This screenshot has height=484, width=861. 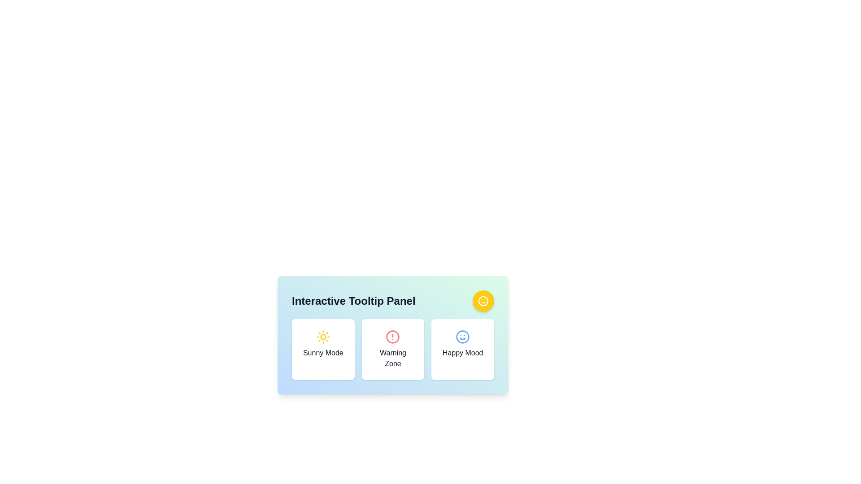 I want to click on labels of the grid containing three cards labeled 'Sunny Mode', 'Warning Zone', and 'Happy Mood' within the 'Interactive Tooltip Panel', so click(x=393, y=349).